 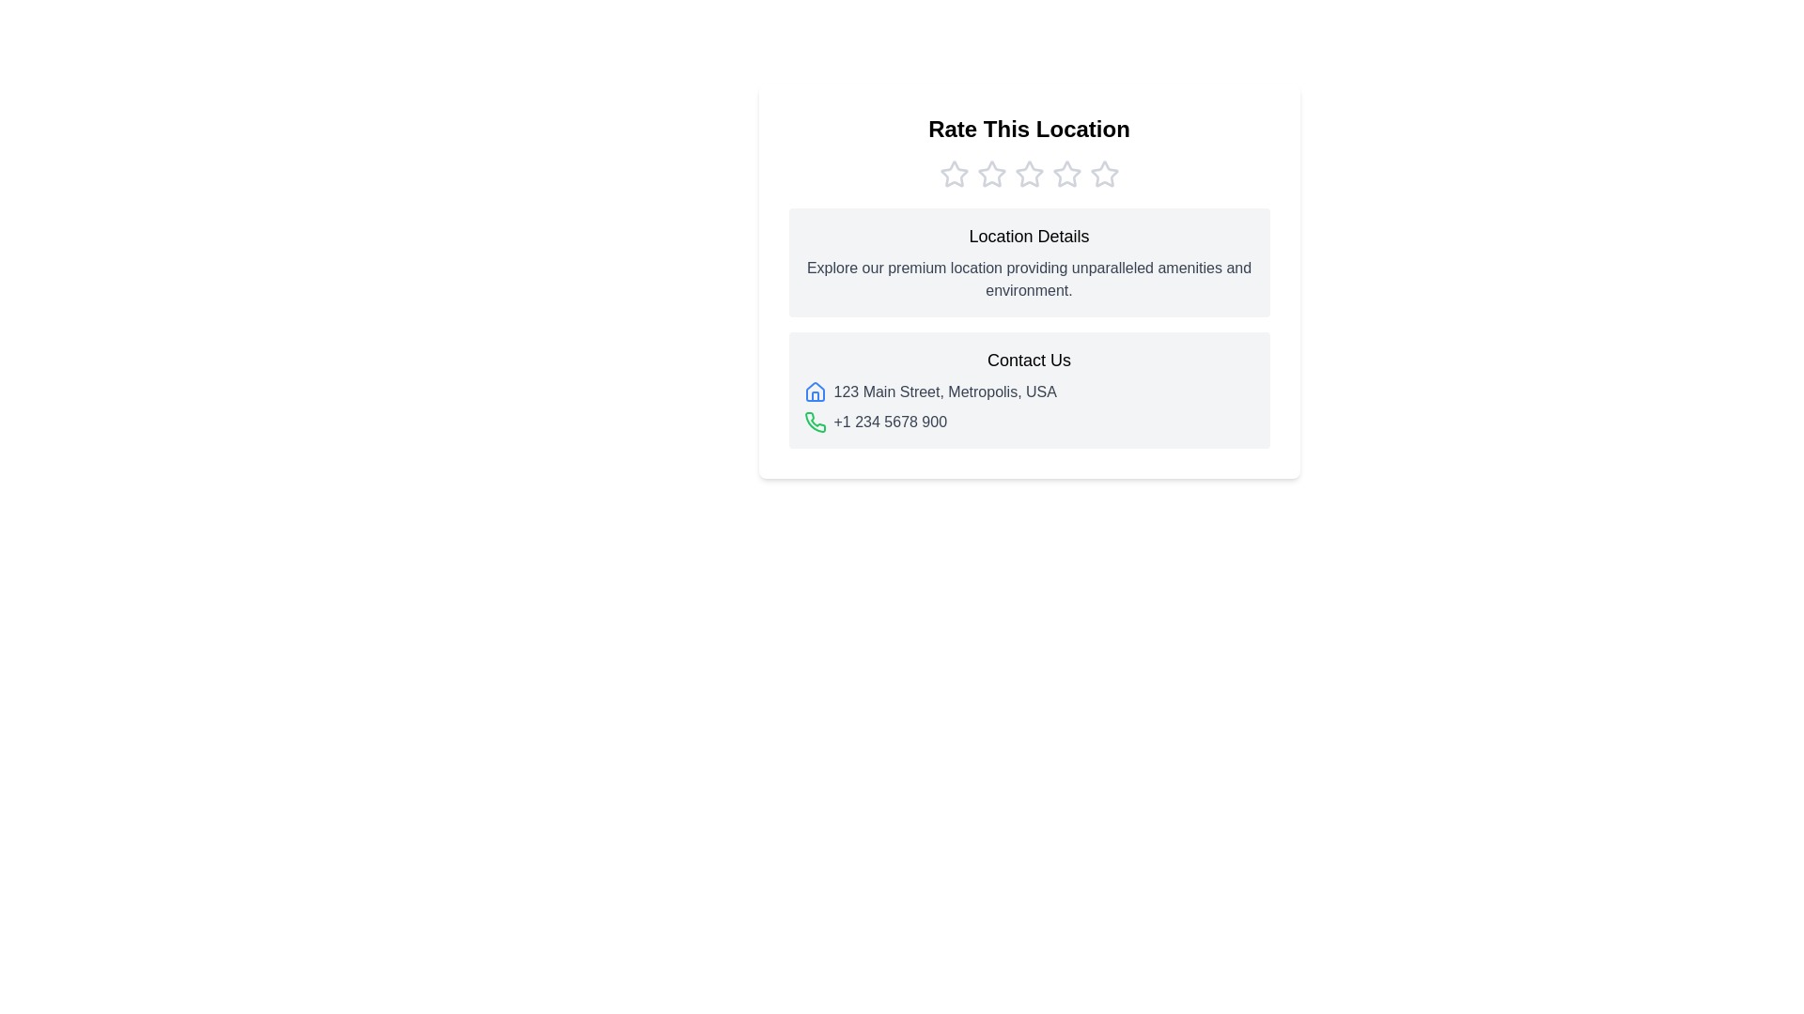 What do you see at coordinates (815, 422) in the screenshot?
I see `the phone icon located just below the 'Contact Us' heading to initiate a call action` at bounding box center [815, 422].